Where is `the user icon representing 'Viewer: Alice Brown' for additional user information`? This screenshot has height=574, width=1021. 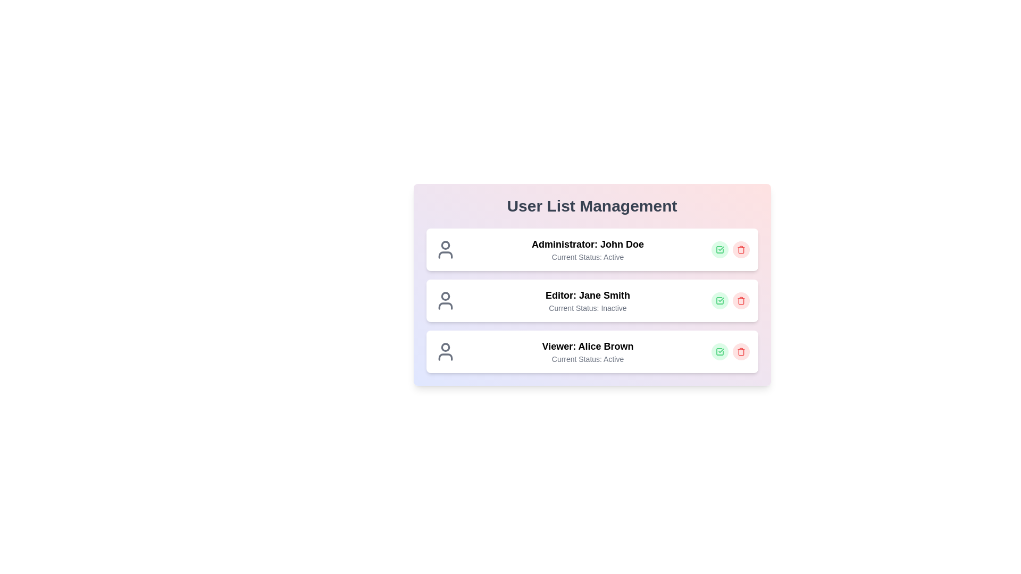
the user icon representing 'Viewer: Alice Brown' for additional user information is located at coordinates (445, 352).